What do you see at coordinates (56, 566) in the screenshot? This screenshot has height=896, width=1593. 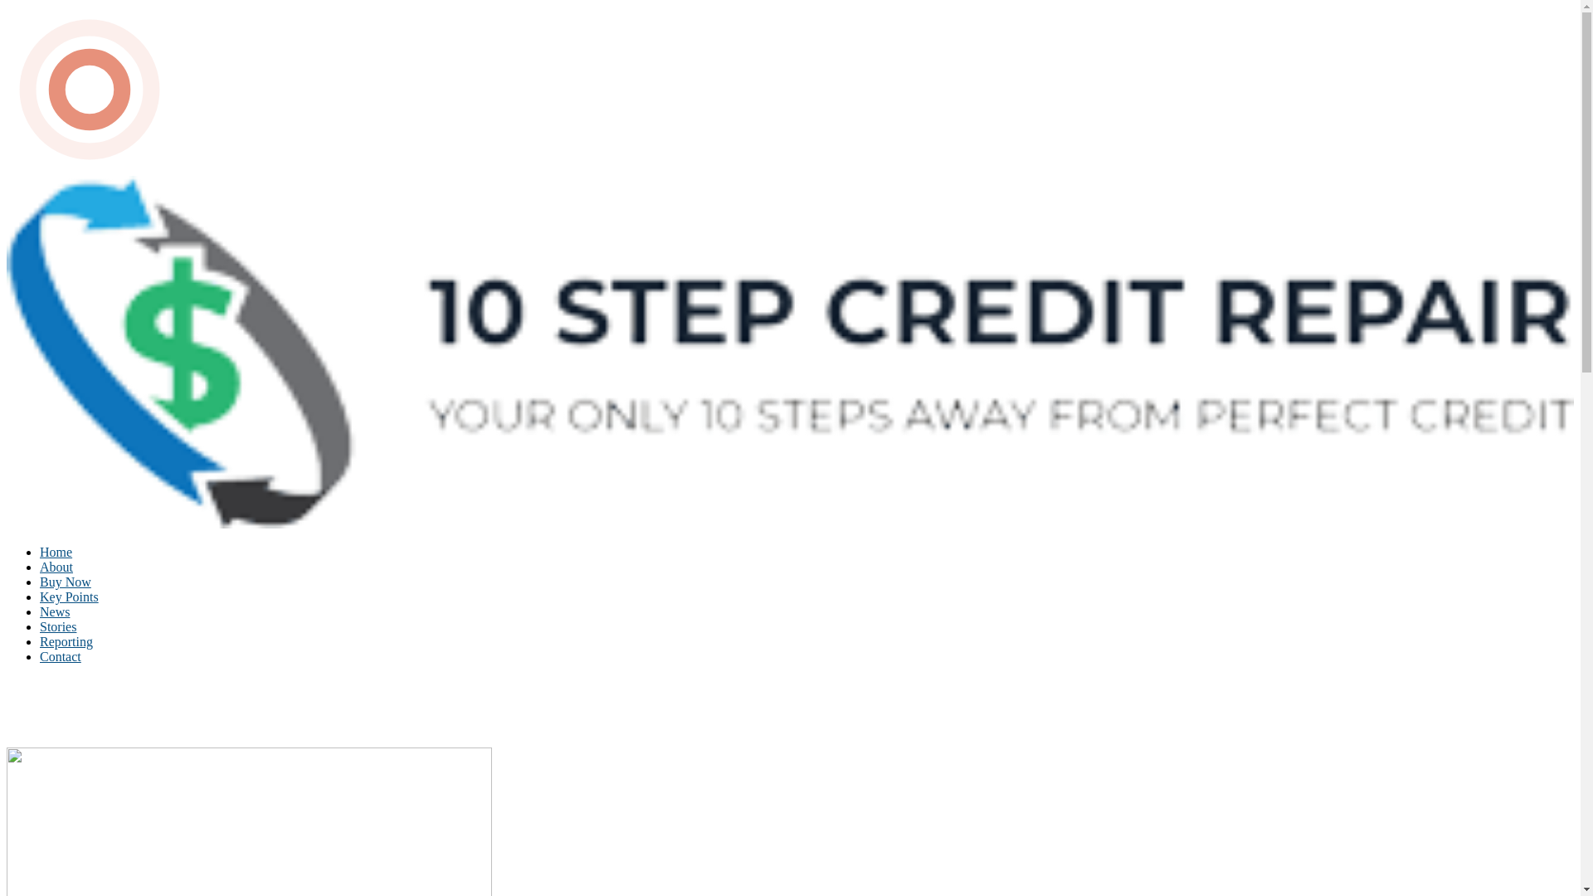 I see `'About'` at bounding box center [56, 566].